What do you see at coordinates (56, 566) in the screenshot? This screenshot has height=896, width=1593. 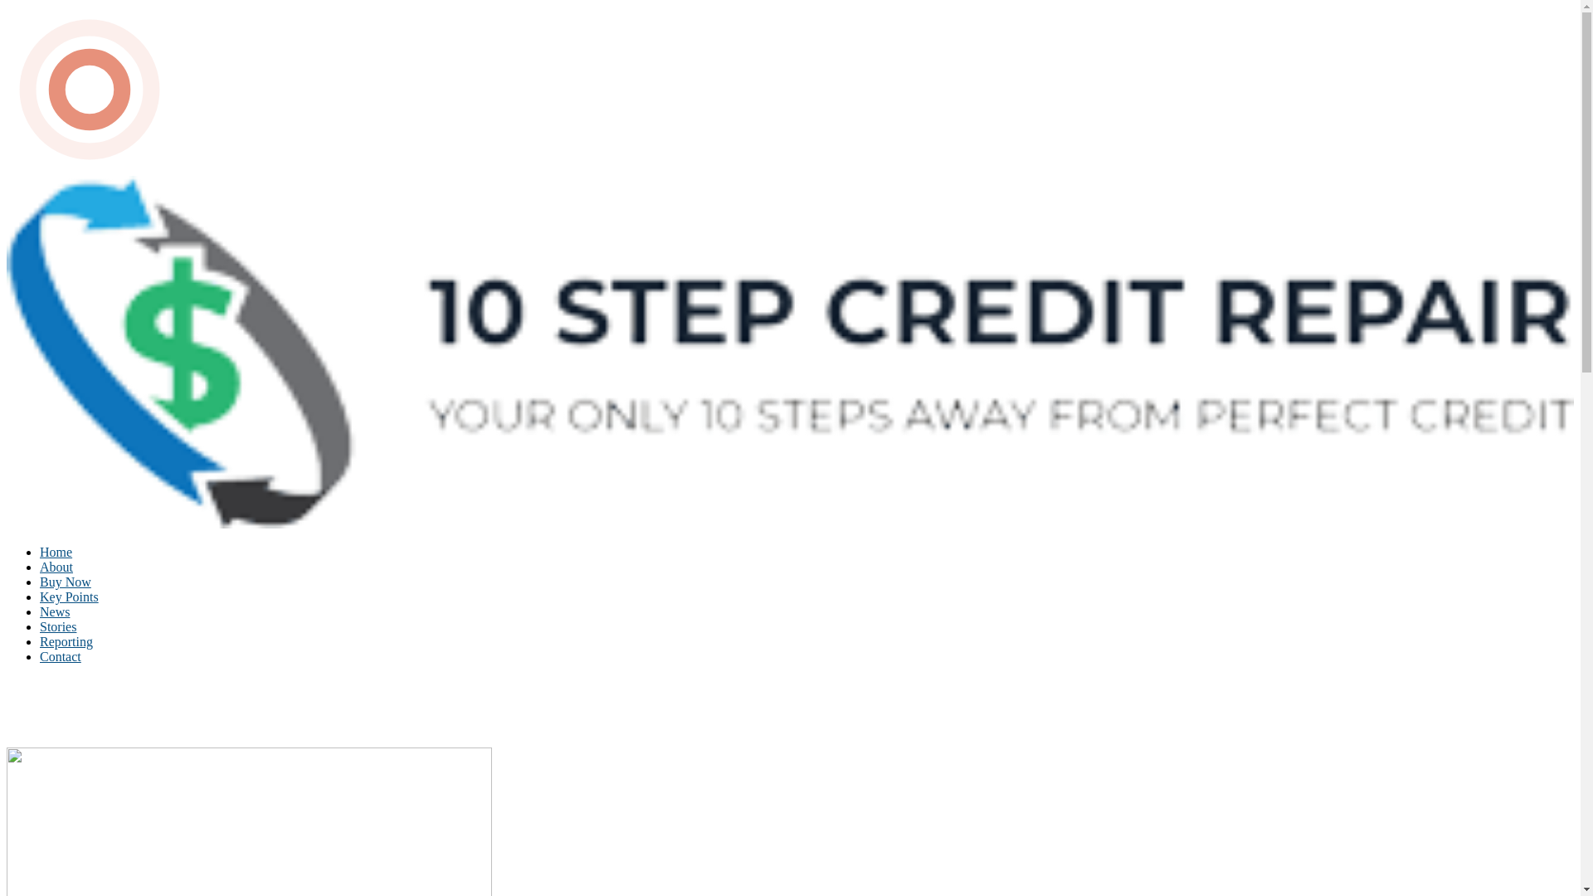 I see `'About'` at bounding box center [56, 566].